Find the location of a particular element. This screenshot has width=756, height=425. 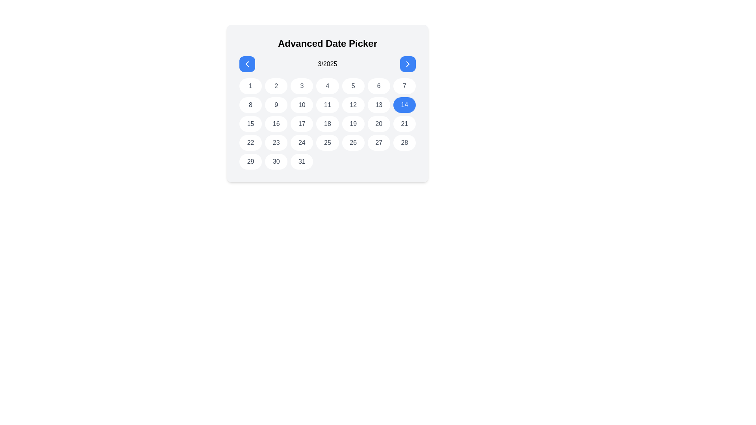

the circular button with a gray number '9' on a white background located in the second row and second column of the calendar grid is located at coordinates (276, 104).